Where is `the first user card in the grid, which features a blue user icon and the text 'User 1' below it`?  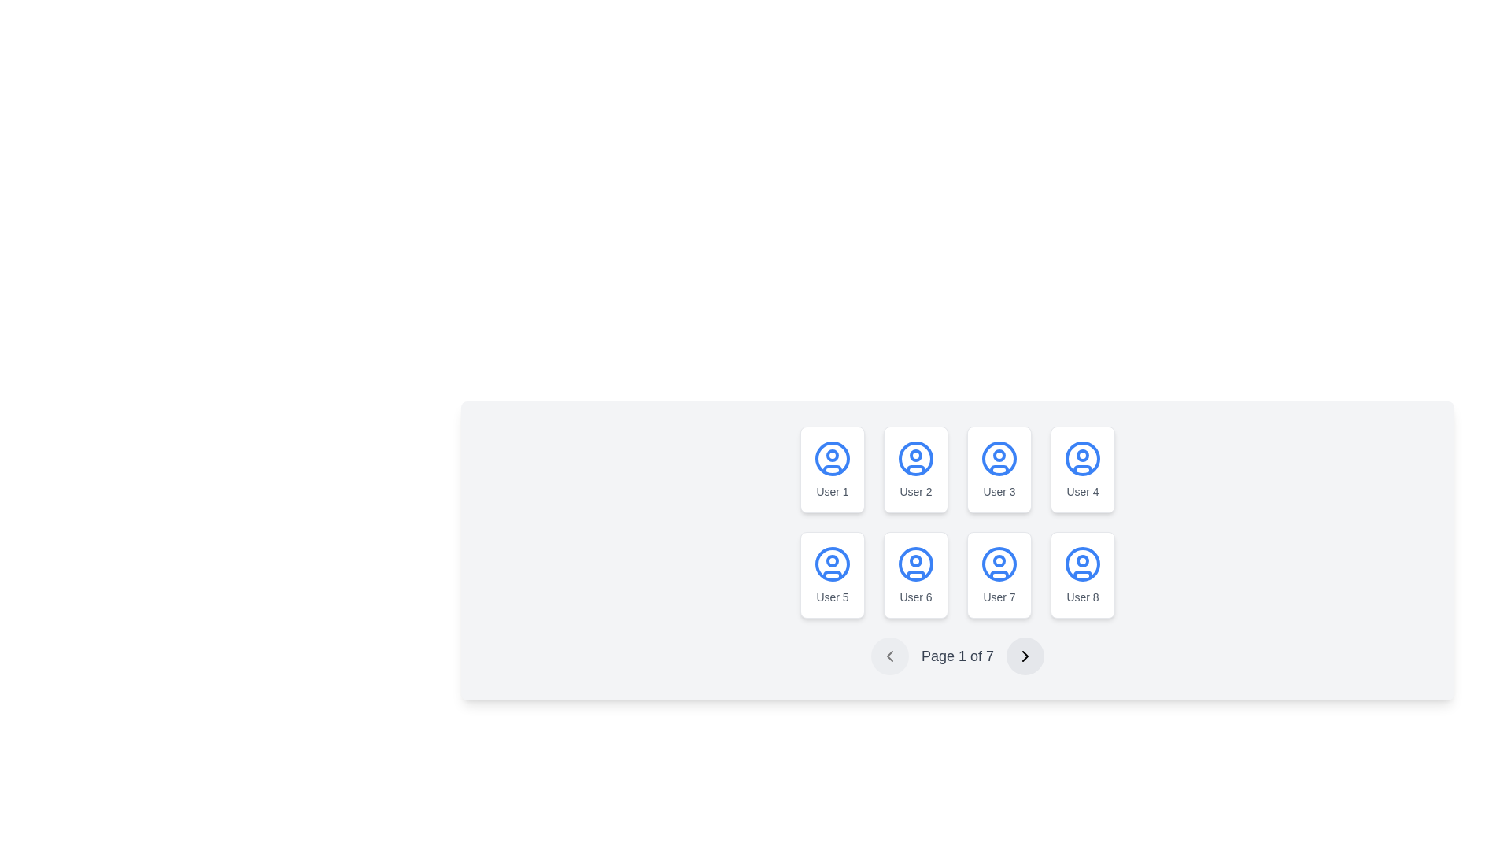 the first user card in the grid, which features a blue user icon and the text 'User 1' below it is located at coordinates (831, 469).